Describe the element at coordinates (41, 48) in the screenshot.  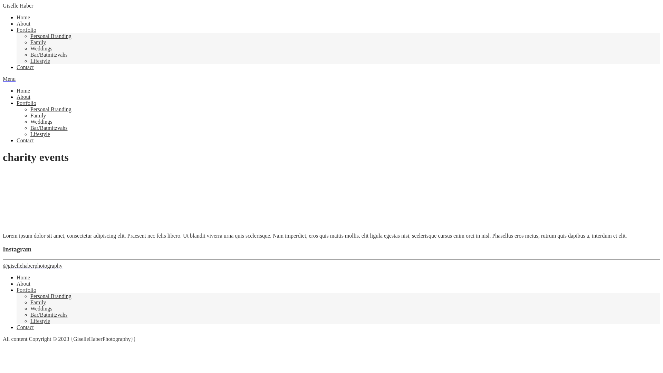
I see `'Weddings'` at that location.